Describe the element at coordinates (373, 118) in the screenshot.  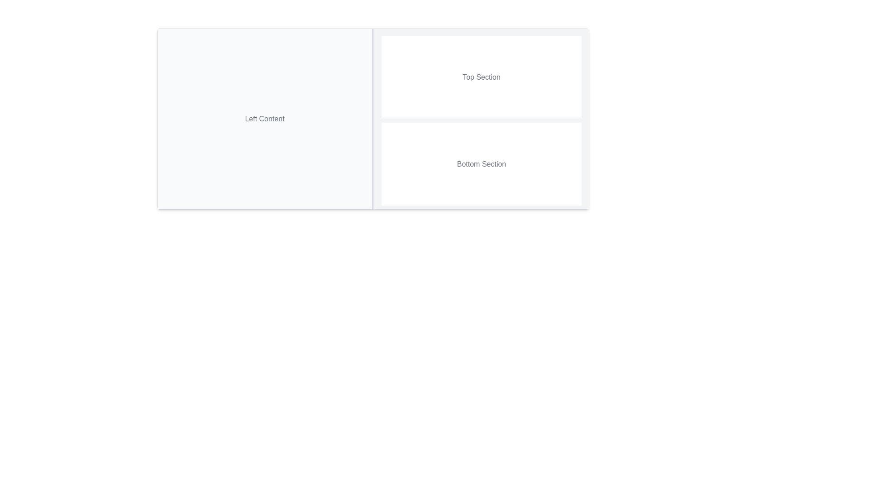
I see `and drag the thin vertical resizable divider located between the 'Left Content' section and the 'Top Section' and 'Bottom Section' to adjust its position horizontally` at that location.